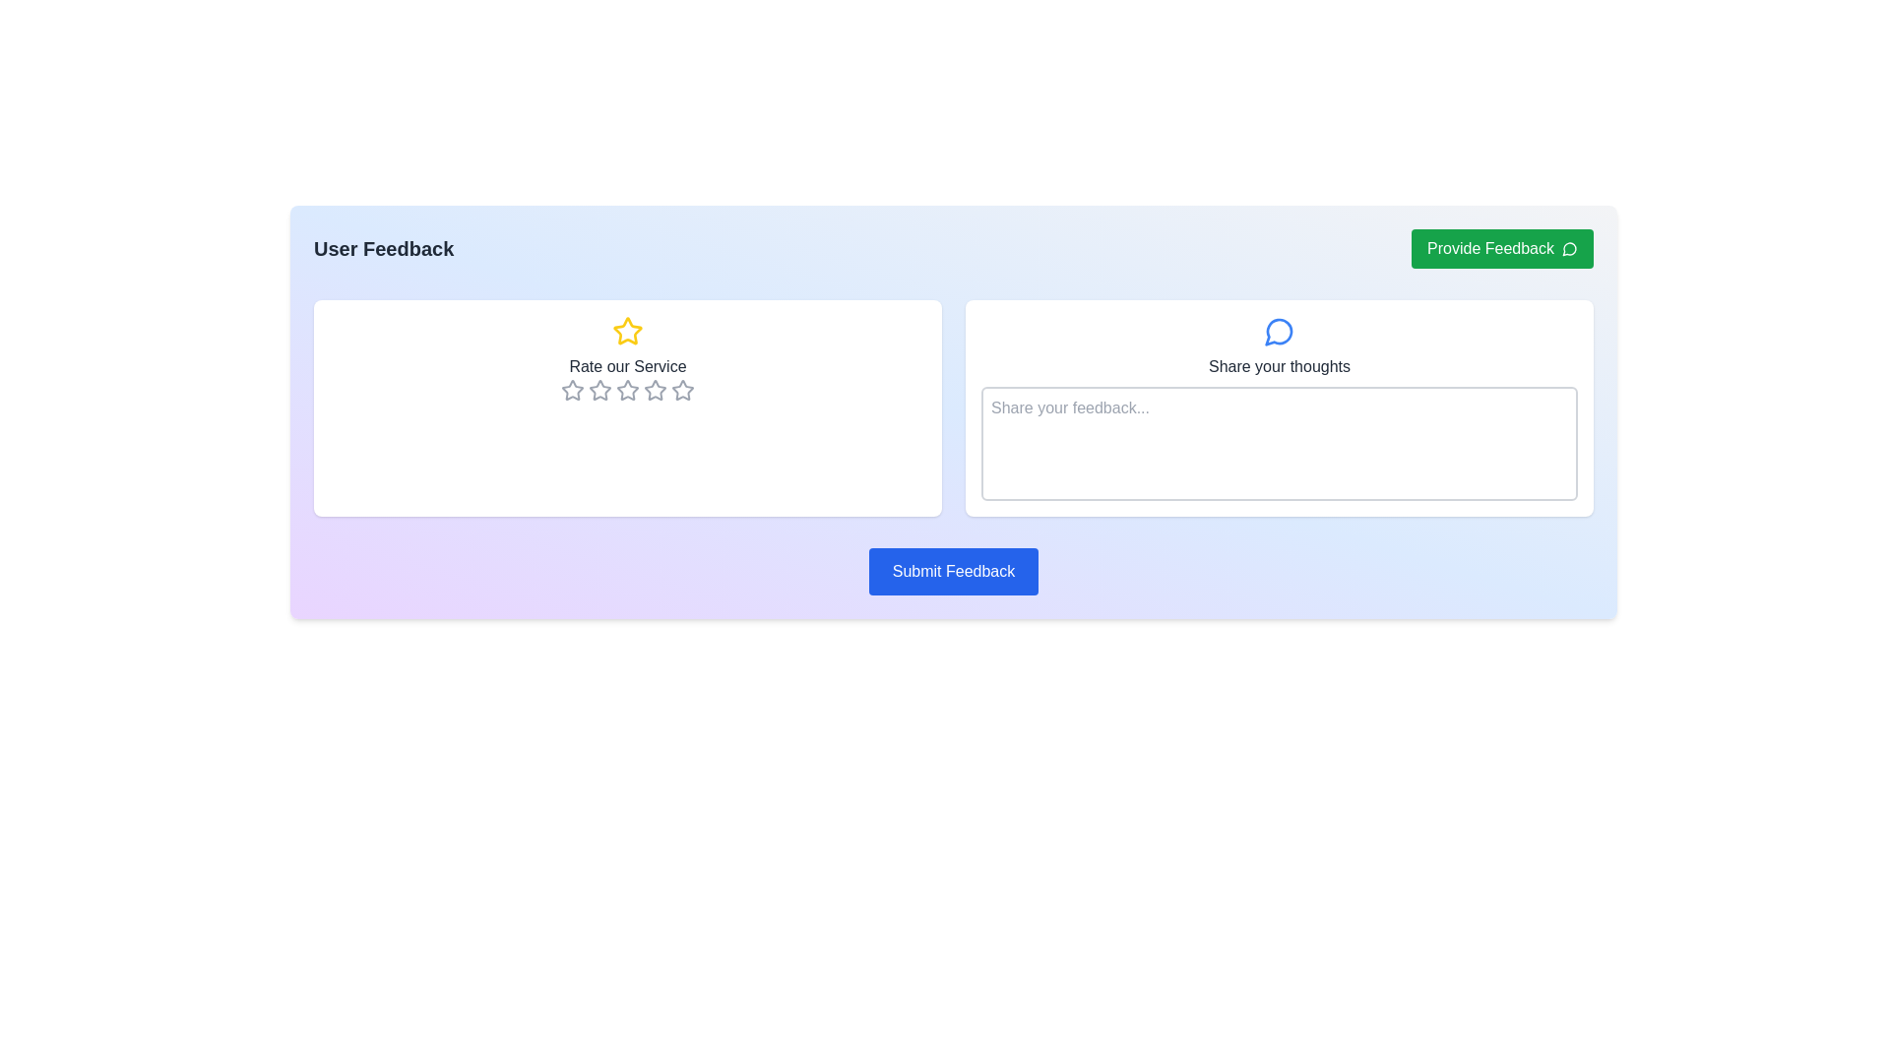 Image resolution: width=1890 pixels, height=1063 pixels. What do you see at coordinates (656, 390) in the screenshot?
I see `the third star icon in the 'Rate our Service' section` at bounding box center [656, 390].